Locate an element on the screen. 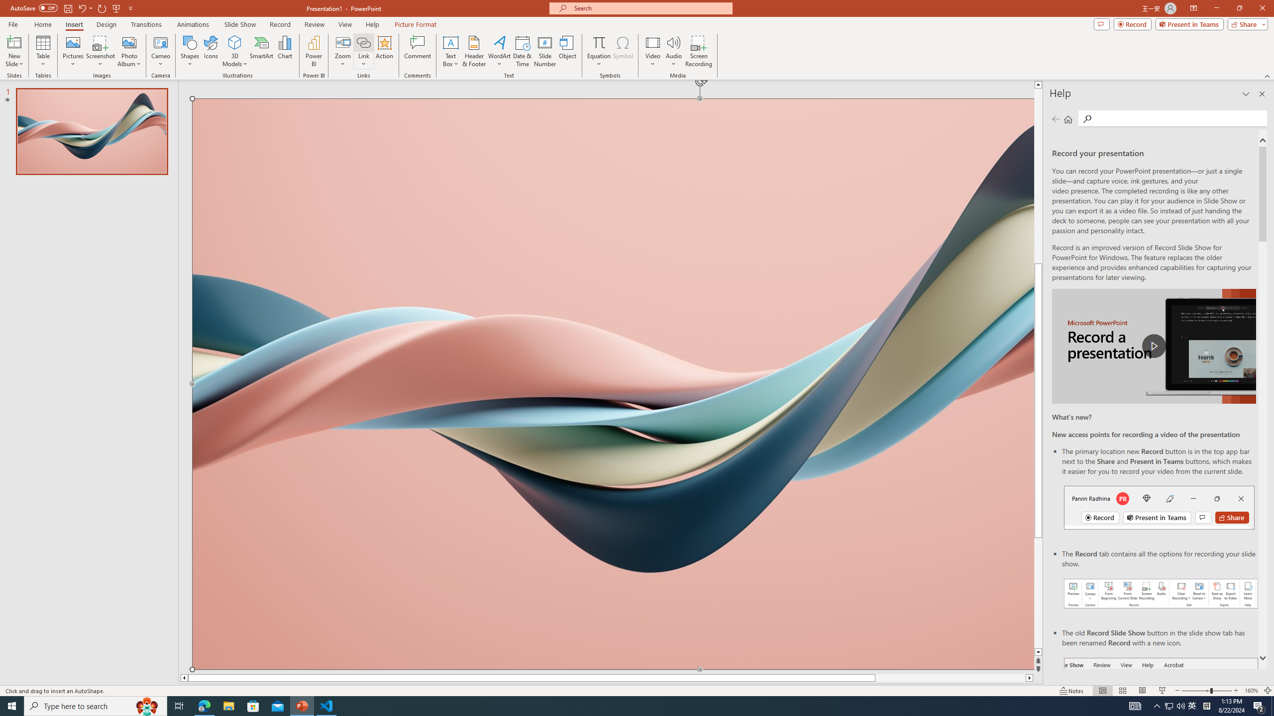 The height and width of the screenshot is (716, 1274). 'WordArt' is located at coordinates (499, 51).